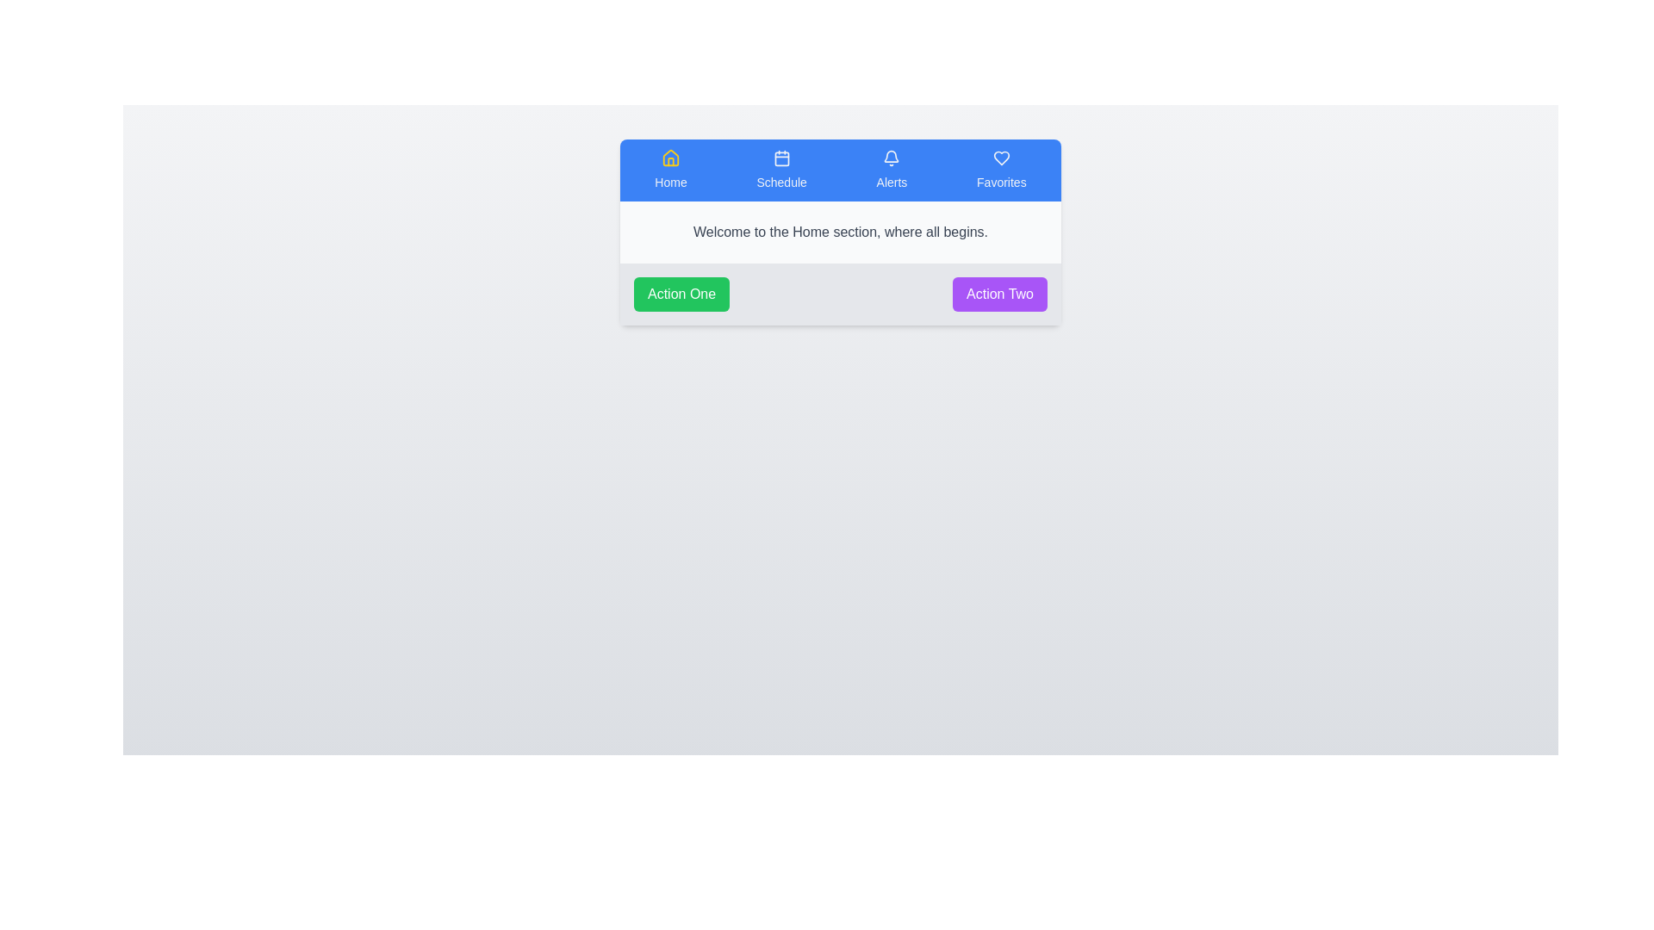 This screenshot has height=930, width=1654. I want to click on the icon labeled 'Favorites' to observe visual feedback, so click(1001, 170).